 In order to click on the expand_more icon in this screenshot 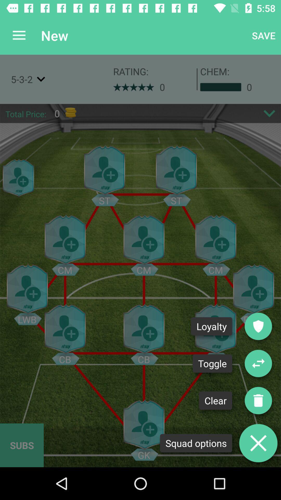, I will do `click(269, 113)`.